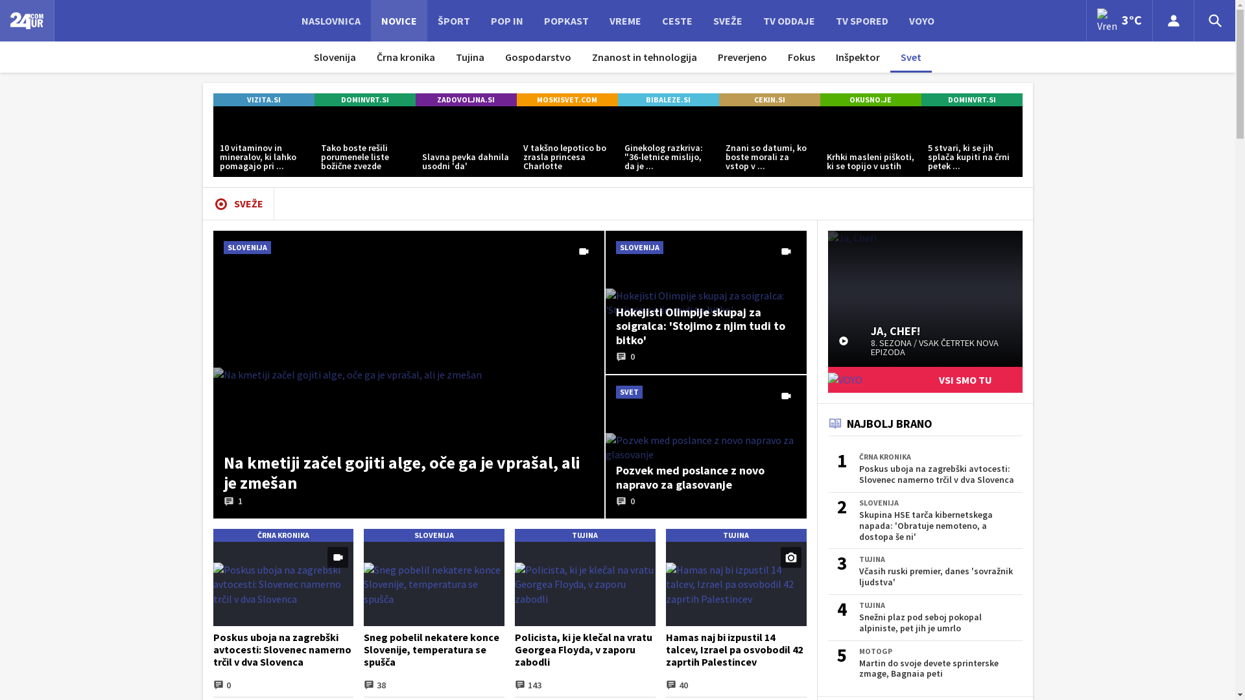  Describe the element at coordinates (398, 20) in the screenshot. I see `'NOVICE'` at that location.